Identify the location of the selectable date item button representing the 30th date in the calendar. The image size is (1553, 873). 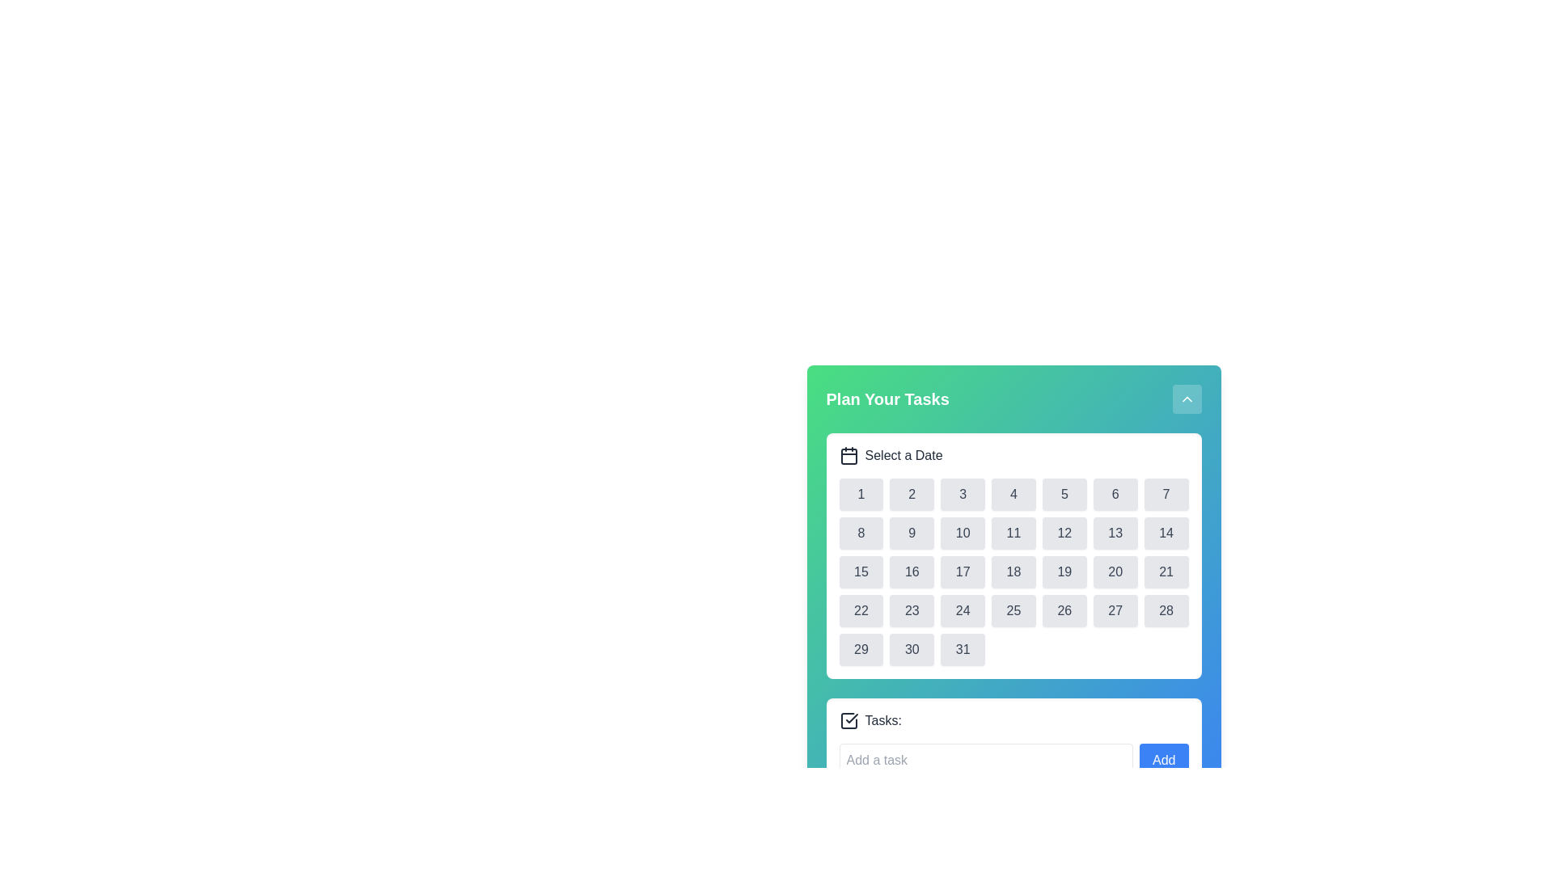
(912, 648).